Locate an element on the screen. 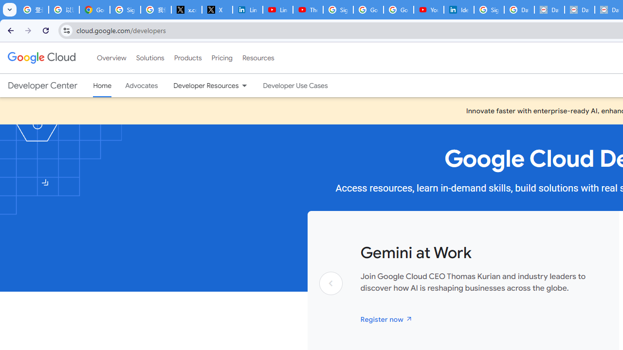  'Pricing' is located at coordinates (221, 58).